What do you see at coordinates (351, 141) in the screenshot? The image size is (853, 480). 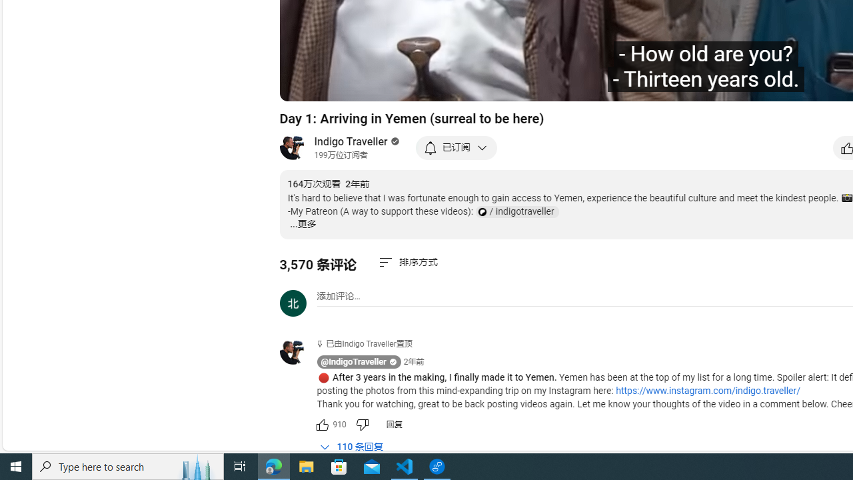 I see `'Indigo Traveller'` at bounding box center [351, 141].